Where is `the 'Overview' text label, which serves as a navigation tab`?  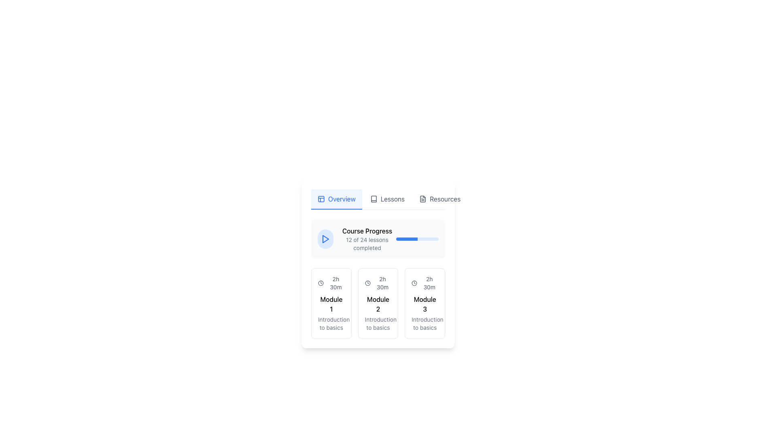 the 'Overview' text label, which serves as a navigation tab is located at coordinates (342, 199).